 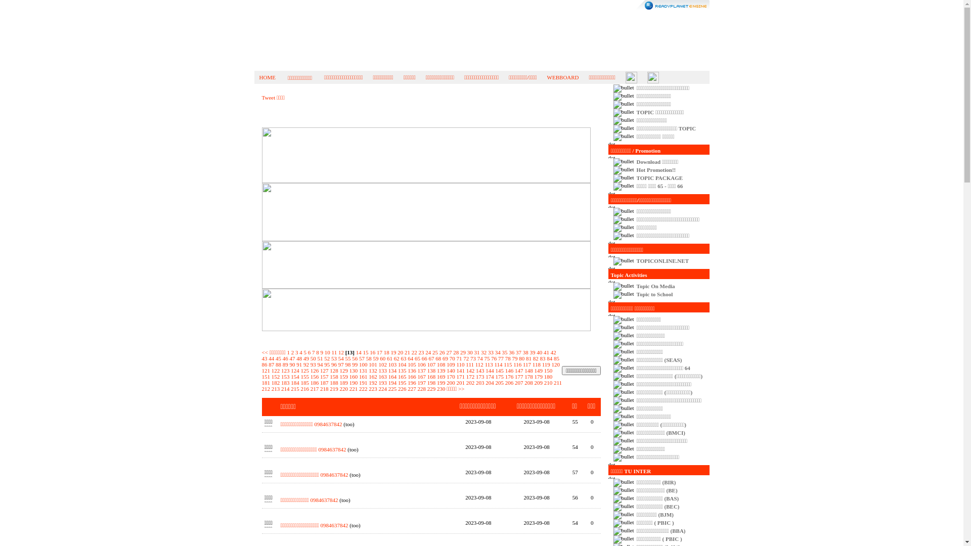 What do you see at coordinates (264, 358) in the screenshot?
I see `'43'` at bounding box center [264, 358].